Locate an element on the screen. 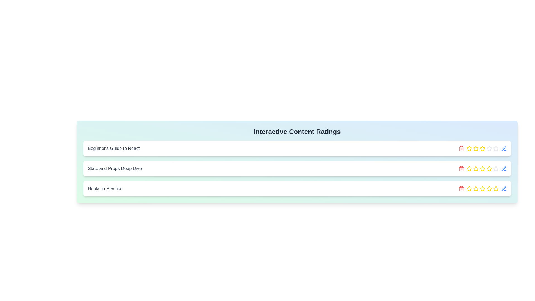  the fifth star icon with a gold stroke, styled as 'lucide lucide-star', located on the right side of the 'Hooks in Practice' item is located at coordinates (496, 188).